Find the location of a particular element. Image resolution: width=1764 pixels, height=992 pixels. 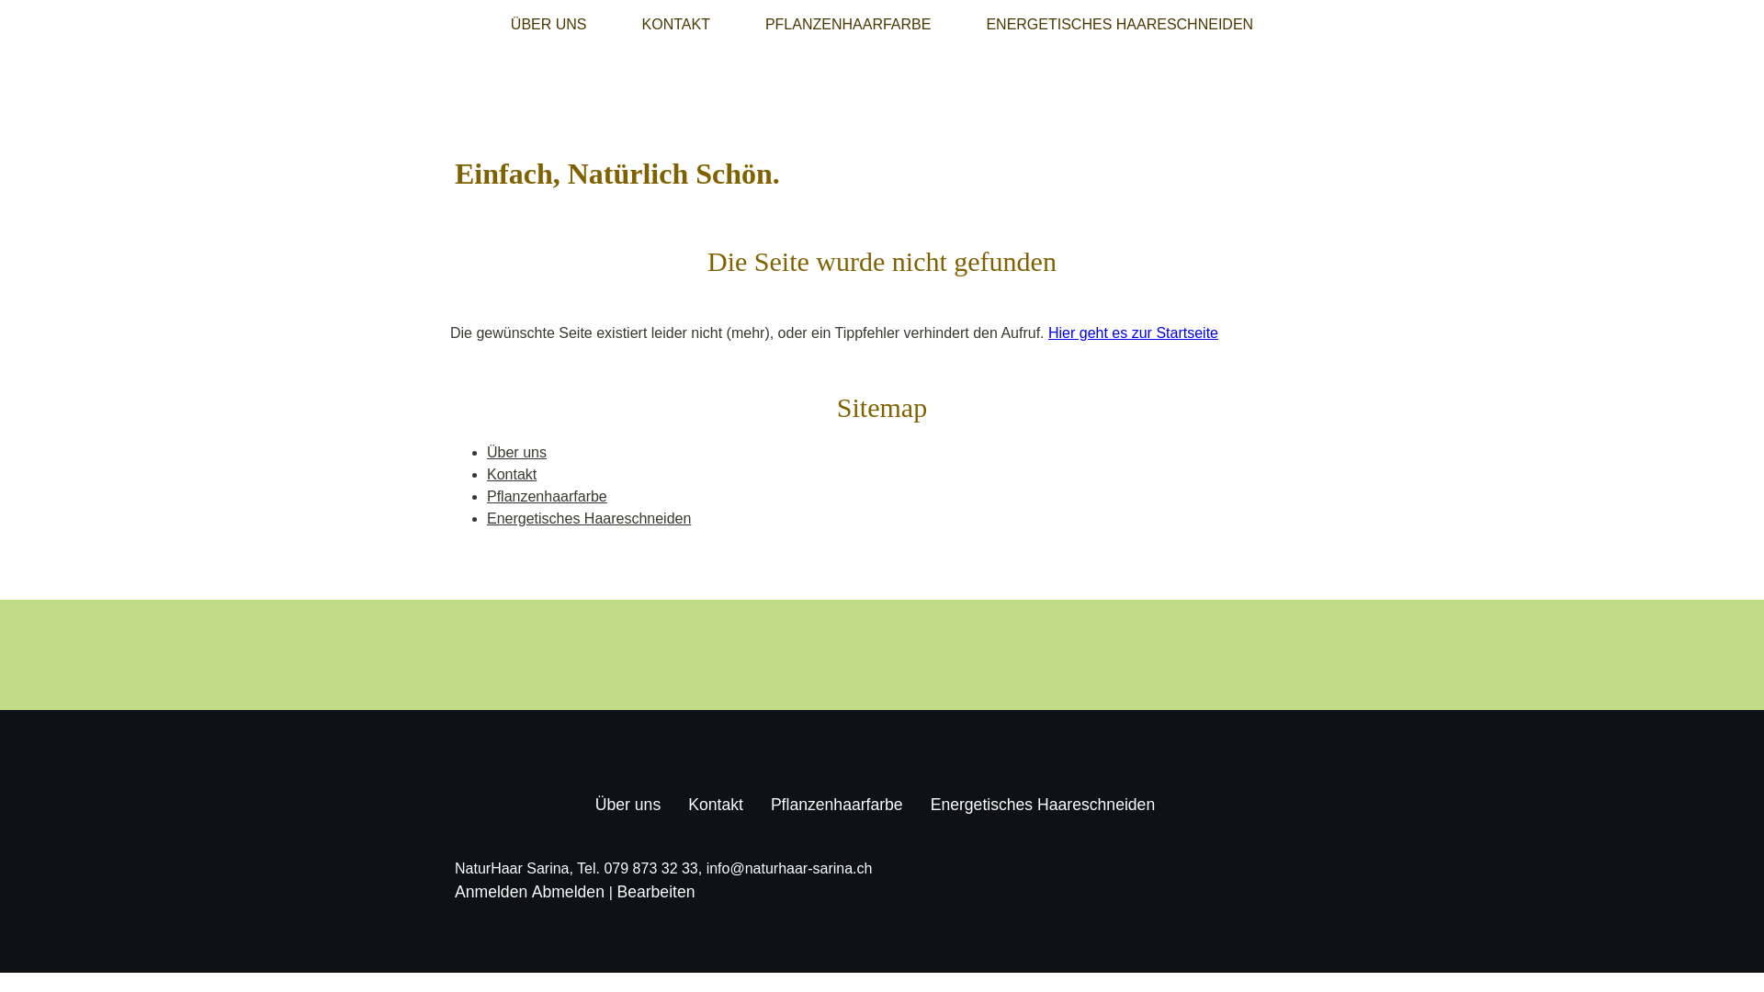

'KONTAKT' is located at coordinates (674, 25).